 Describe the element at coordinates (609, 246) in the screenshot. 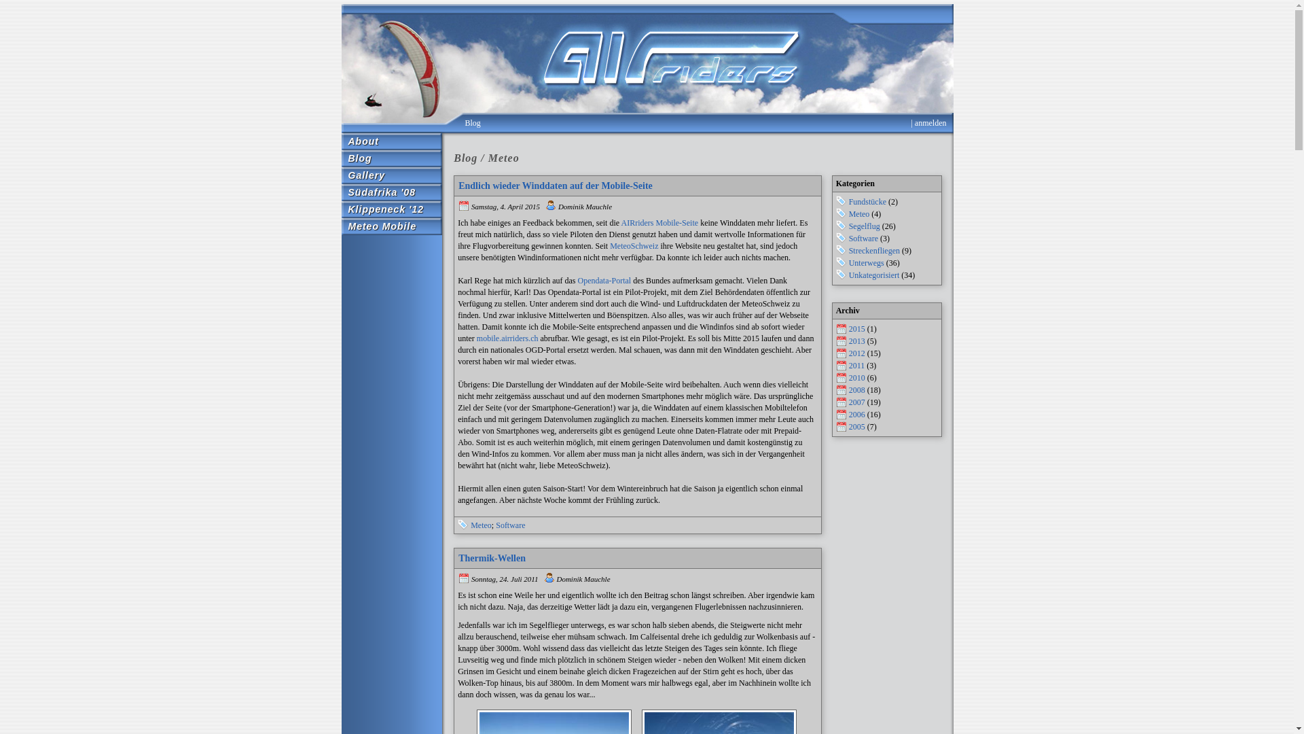

I see `'MeteoSchweiz'` at that location.